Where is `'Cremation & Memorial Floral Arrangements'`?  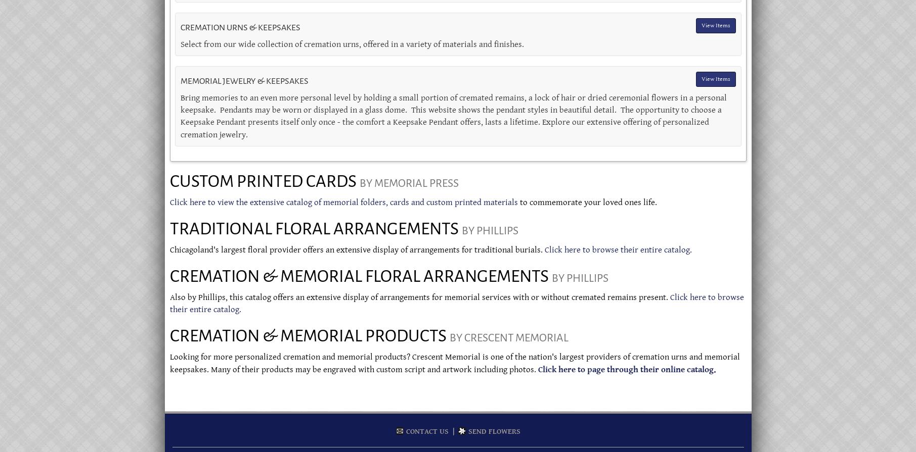
'Cremation & Memorial Floral Arrangements' is located at coordinates (169, 275).